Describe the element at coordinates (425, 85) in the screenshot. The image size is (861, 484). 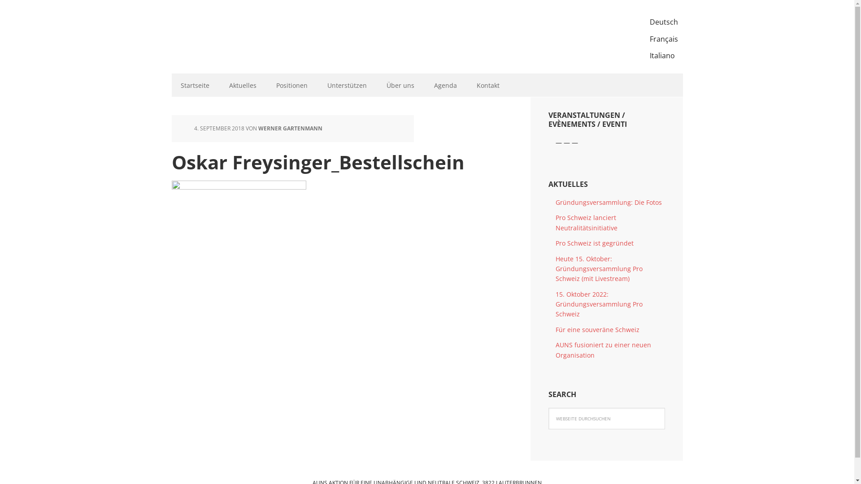
I see `'Agenda'` at that location.